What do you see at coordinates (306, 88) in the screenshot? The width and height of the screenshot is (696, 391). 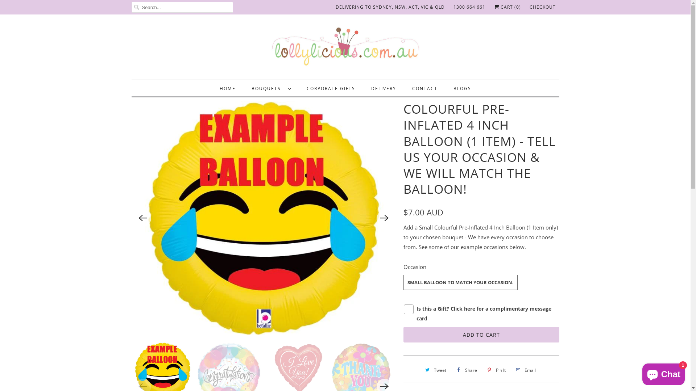 I see `'CORPORATE GIFTS'` at bounding box center [306, 88].